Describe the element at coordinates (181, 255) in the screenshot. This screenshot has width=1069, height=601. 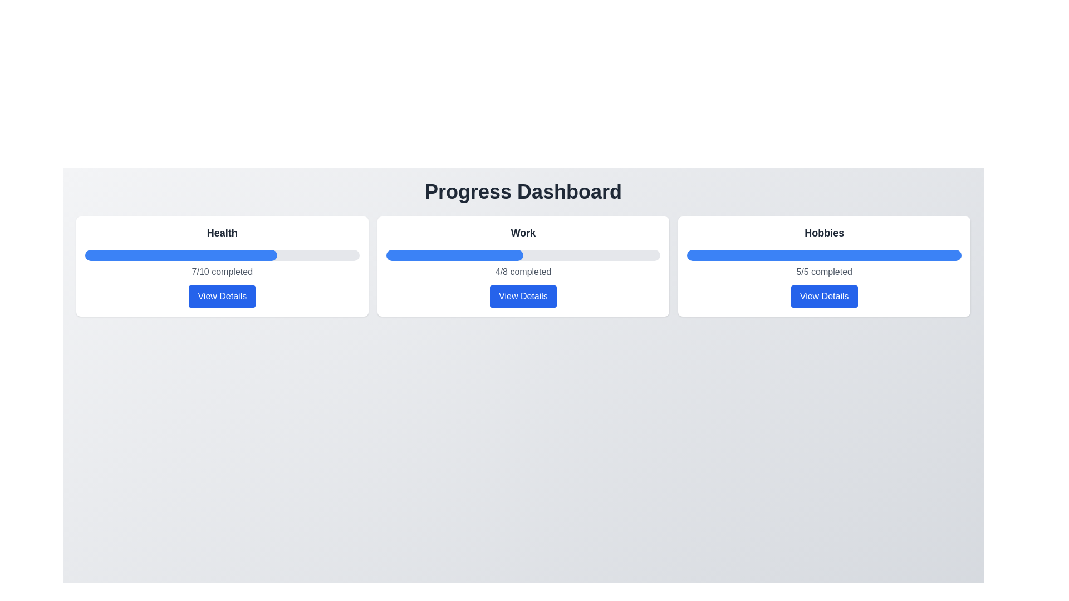
I see `the blue rounded rectangle Progress Indicator Bar that represents the progress for the 'Health' section of the dashboard` at that location.